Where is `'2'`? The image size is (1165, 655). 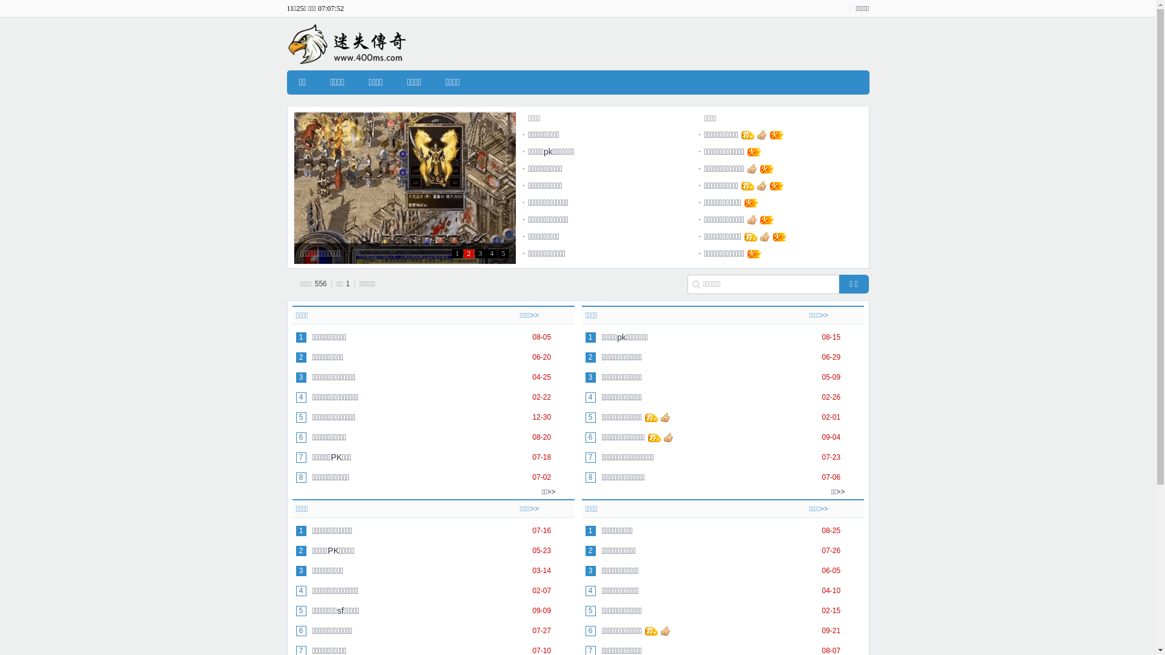 '2' is located at coordinates (468, 253).